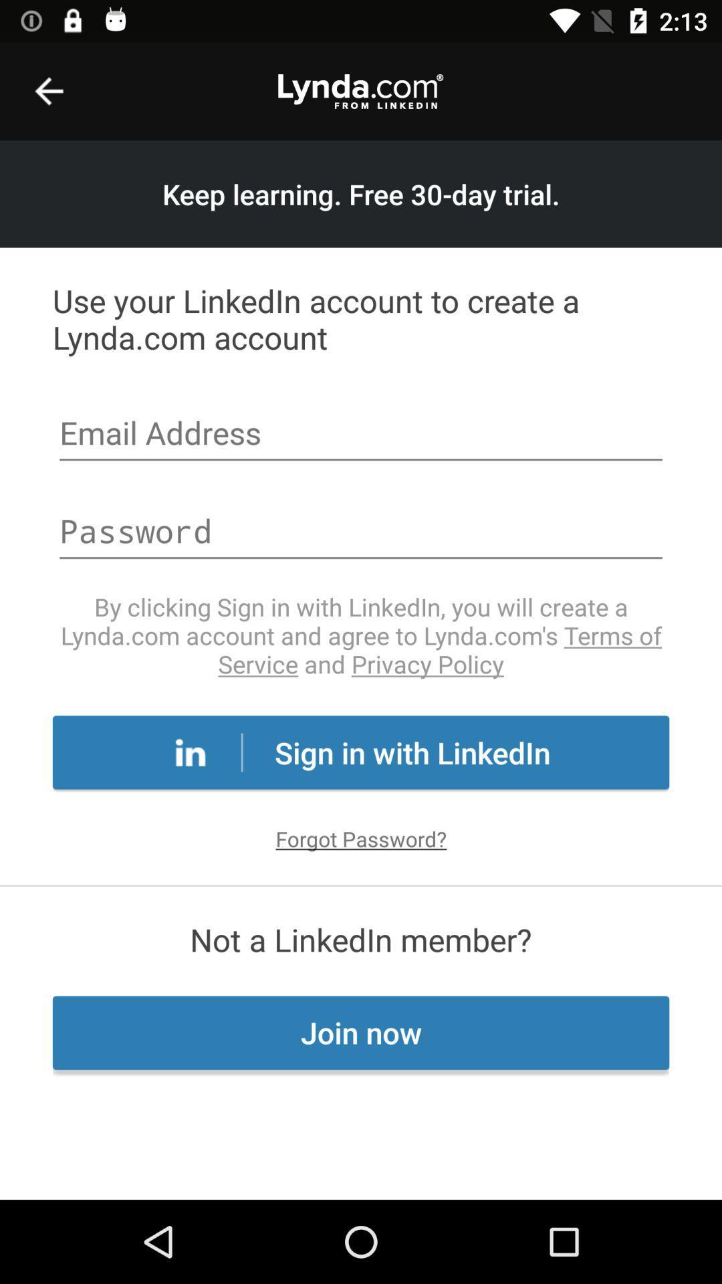 The width and height of the screenshot is (722, 1284). I want to click on forgot  password, so click(361, 838).